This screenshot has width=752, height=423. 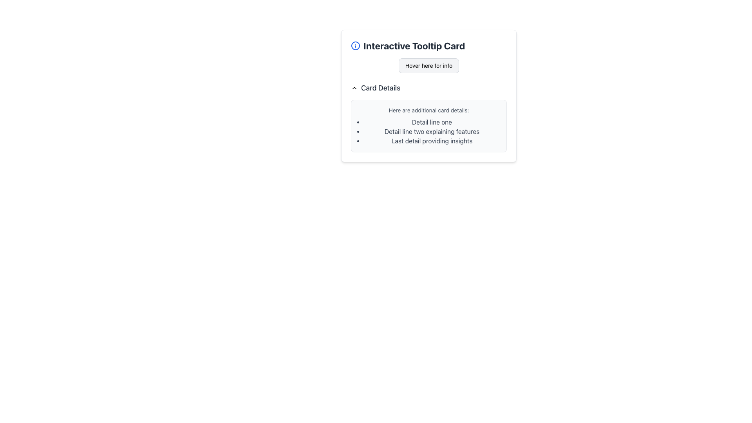 I want to click on descriptive text element located in the 'Card Details' area under the 'Interactive Tooltip Card' header, which is the first item in a bulleted list and provides additional context about the interface, so click(x=432, y=122).